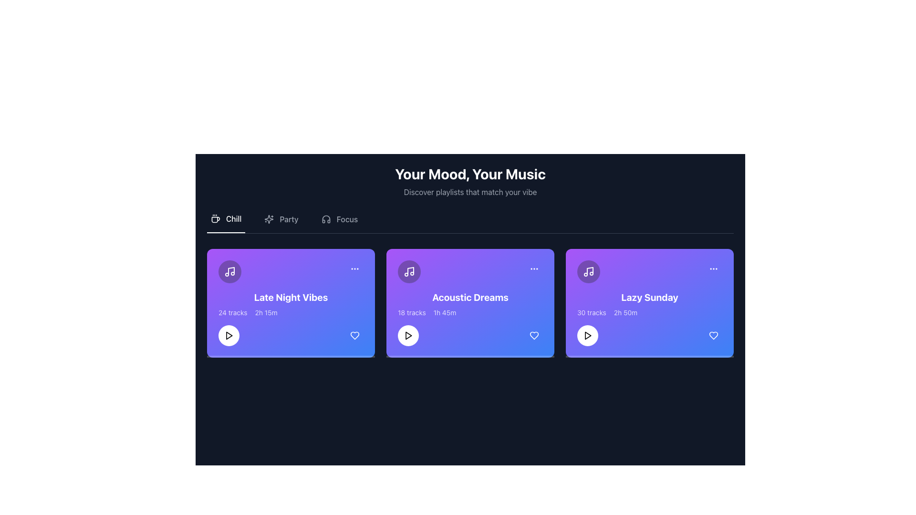  I want to click on the 'Lazy Sunday' card, which is a rectangular card with a gradient background from purple to blue, displaying the text 'Lazy Sunday' in bold white font, so click(649, 303).